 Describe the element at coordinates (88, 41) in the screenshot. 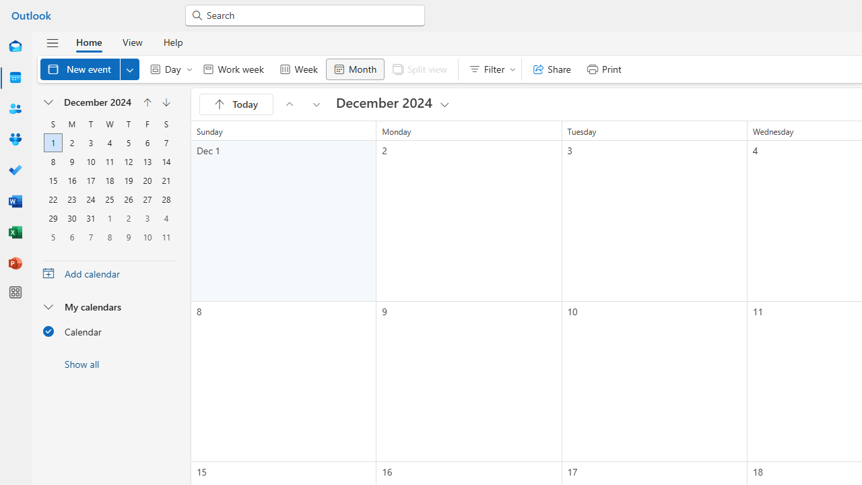

I see `'Home'` at that location.